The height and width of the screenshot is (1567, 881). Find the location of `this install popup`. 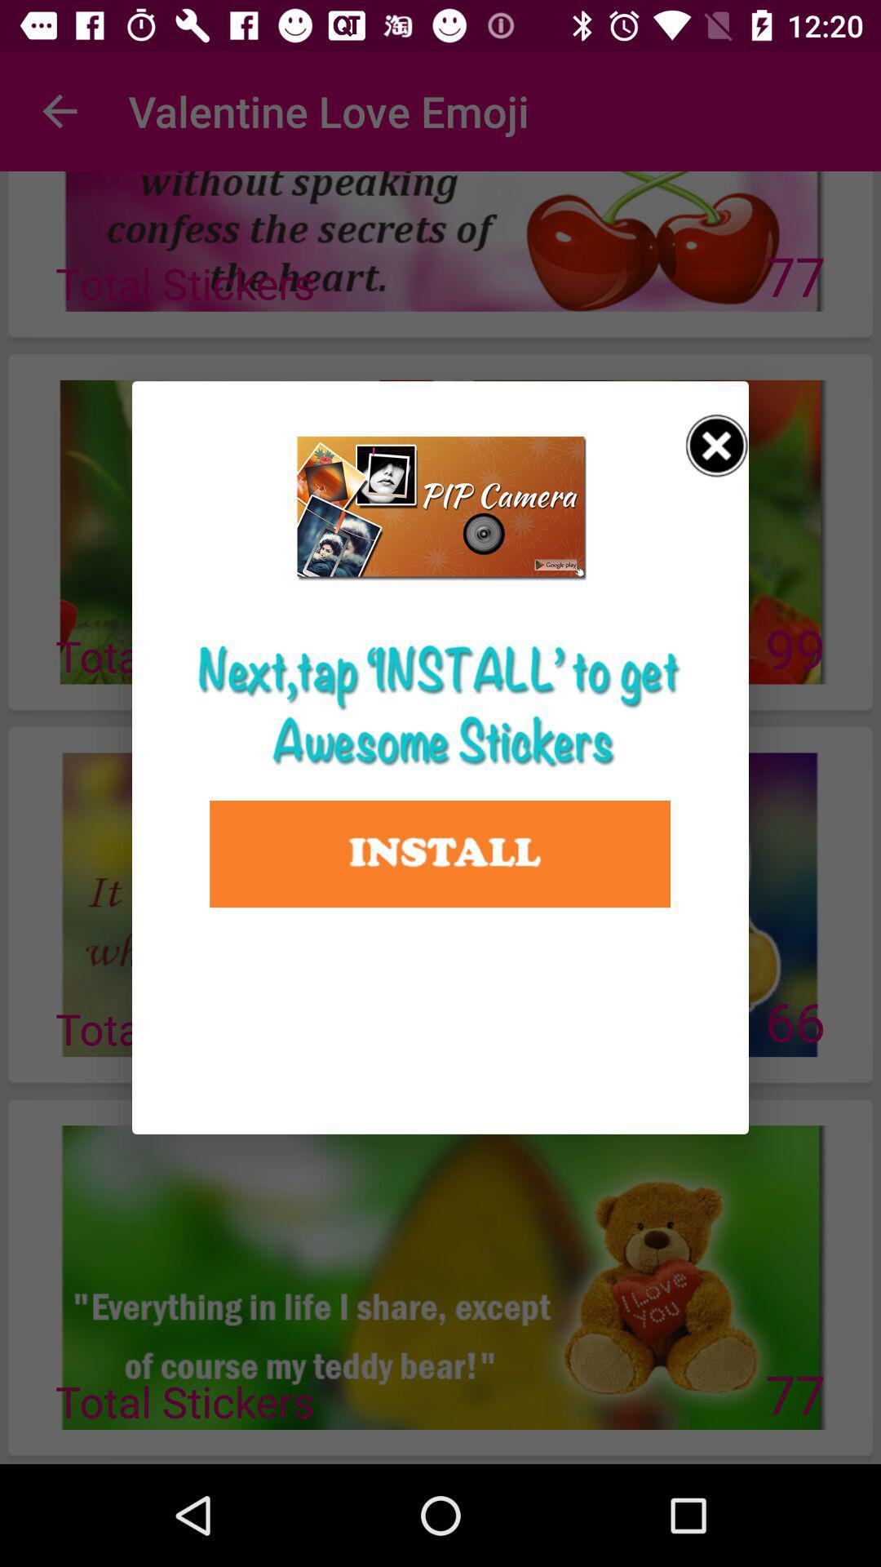

this install popup is located at coordinates (716, 446).